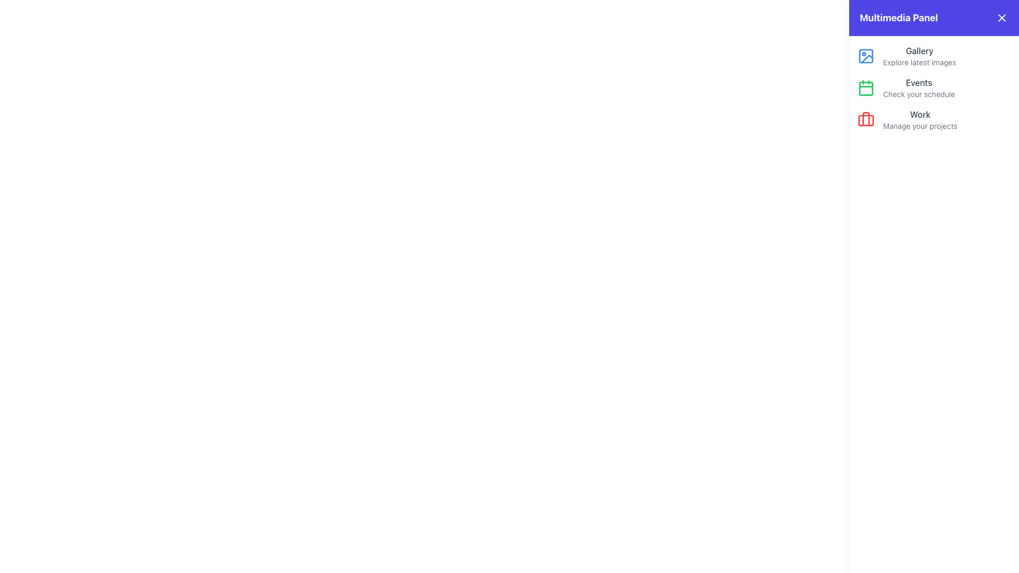 The width and height of the screenshot is (1019, 573). I want to click on the red briefcase icon located in the Multimedia Panel, which is the third item in the list, positioned above the labels 'Work' and 'Manage your projects.', so click(866, 119).